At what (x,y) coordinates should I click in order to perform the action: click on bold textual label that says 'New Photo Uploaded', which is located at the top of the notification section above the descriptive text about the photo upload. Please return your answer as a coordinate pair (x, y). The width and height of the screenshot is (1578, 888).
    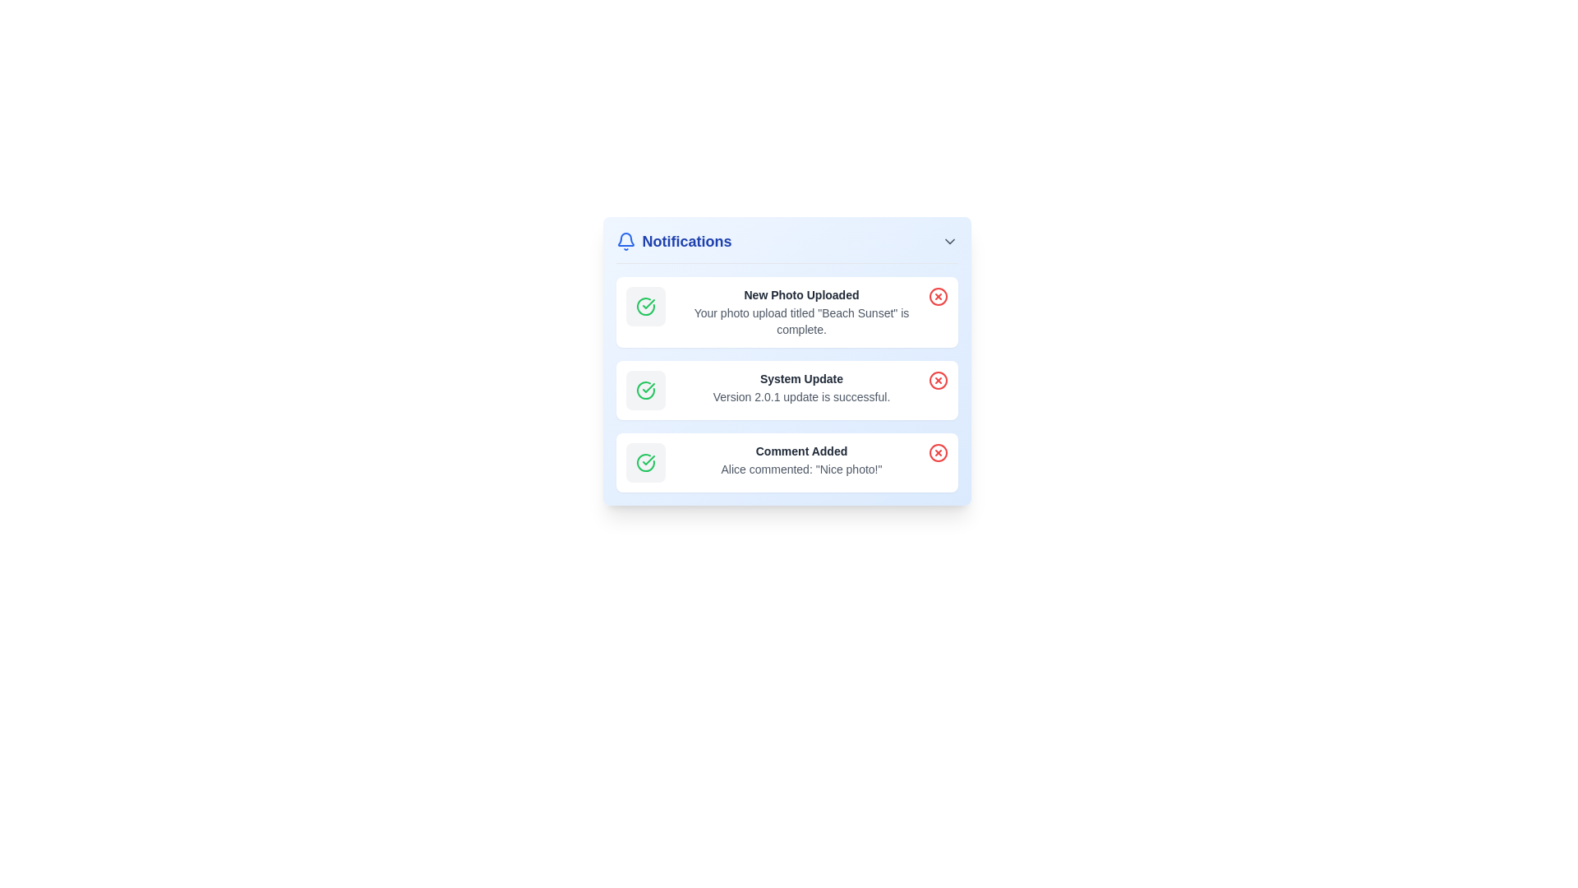
    Looking at the image, I should click on (801, 294).